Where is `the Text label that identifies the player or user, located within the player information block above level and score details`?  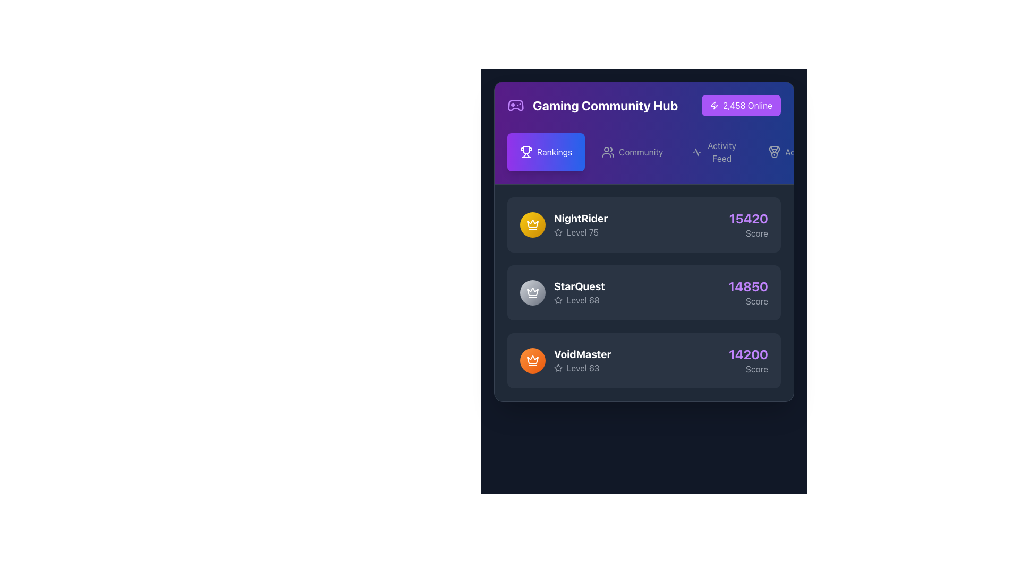 the Text label that identifies the player or user, located within the player information block above level and score details is located at coordinates (582, 354).